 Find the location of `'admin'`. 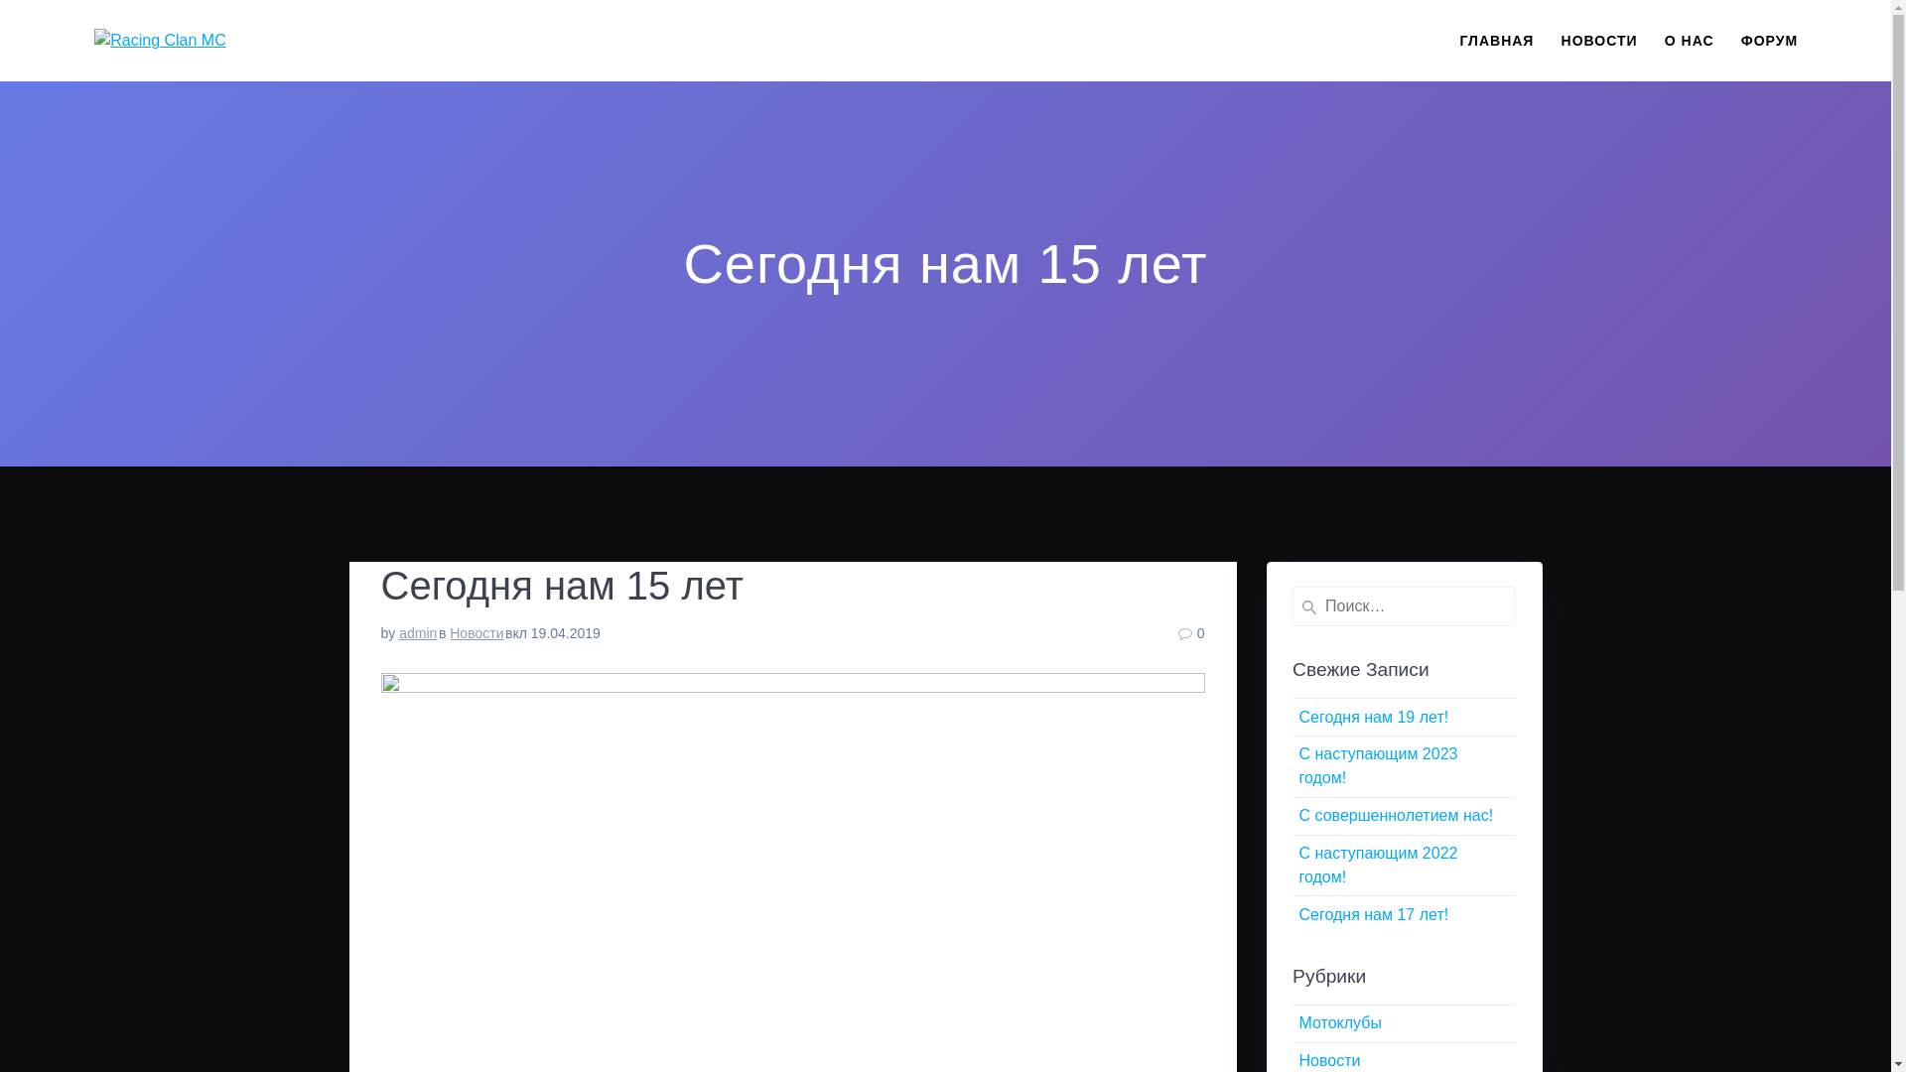

'admin' is located at coordinates (417, 632).